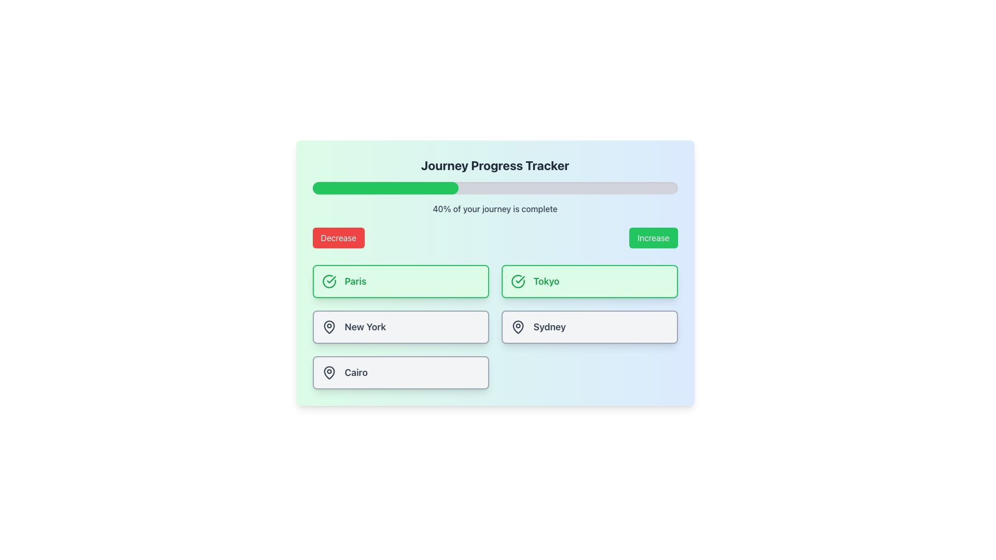  Describe the element at coordinates (328, 327) in the screenshot. I see `the pin-shaped icon located inside the 'New York' button, which is positioned at the top left corner of the third row in the list of buttons` at that location.